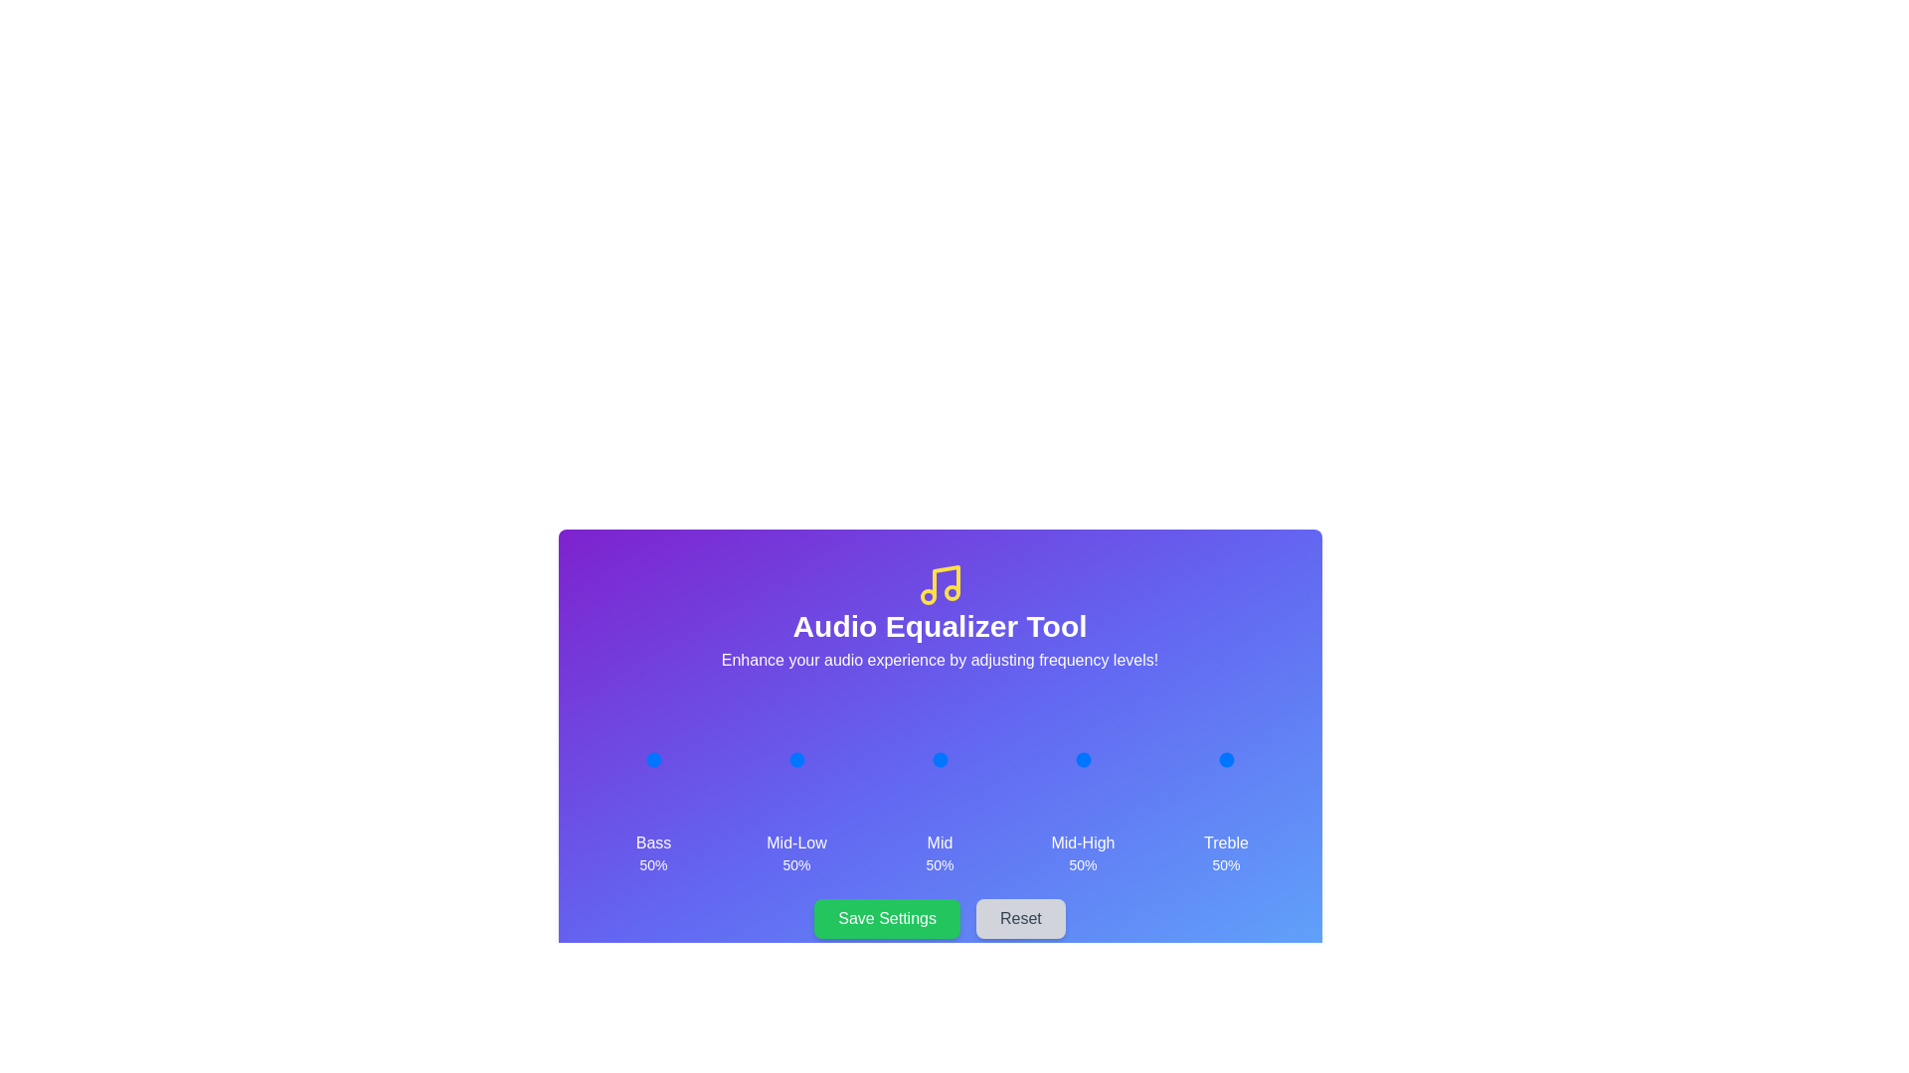 This screenshot has height=1073, width=1909. Describe the element at coordinates (796, 759) in the screenshot. I see `the Mid-Low Slider to observe hover effects` at that location.